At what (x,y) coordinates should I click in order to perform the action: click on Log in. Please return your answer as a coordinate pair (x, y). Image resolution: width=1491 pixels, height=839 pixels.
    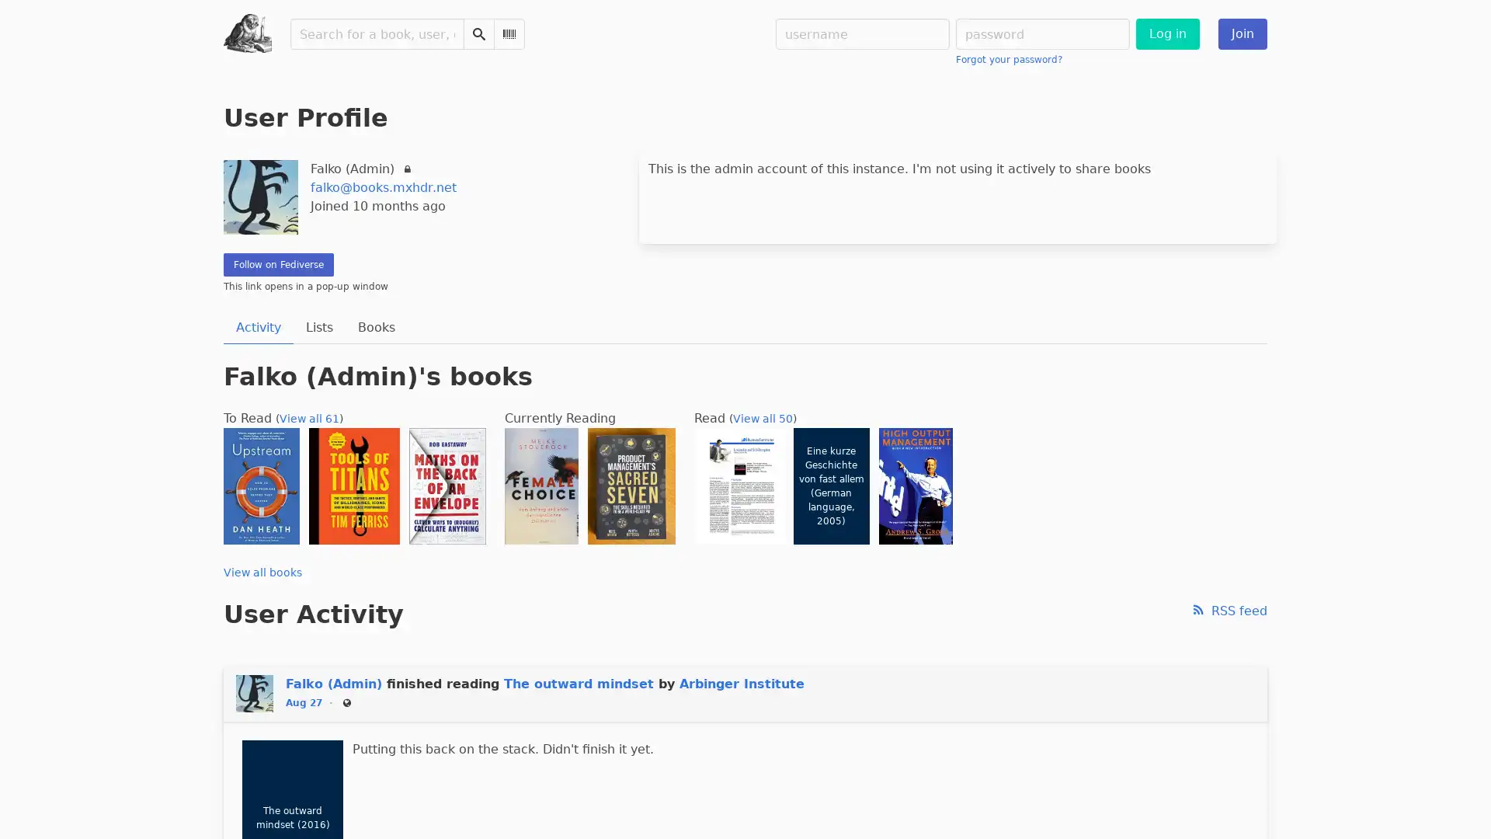
    Looking at the image, I should click on (1167, 33).